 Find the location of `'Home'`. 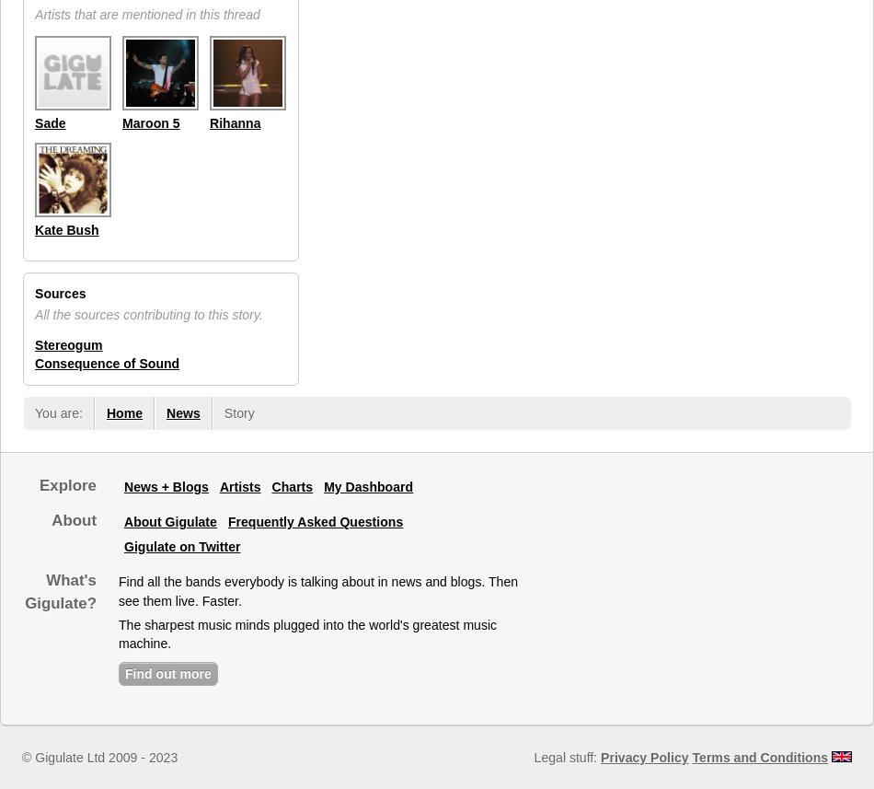

'Home' is located at coordinates (123, 412).